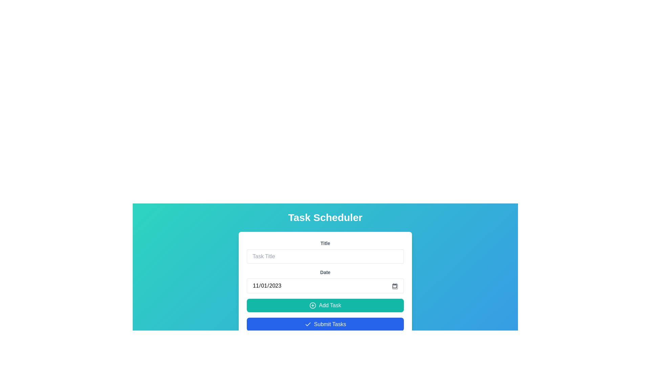 Image resolution: width=650 pixels, height=365 pixels. Describe the element at coordinates (325, 257) in the screenshot. I see `to select text within the task title input field located below the 'Title' label in the top-center region of the interface` at that location.